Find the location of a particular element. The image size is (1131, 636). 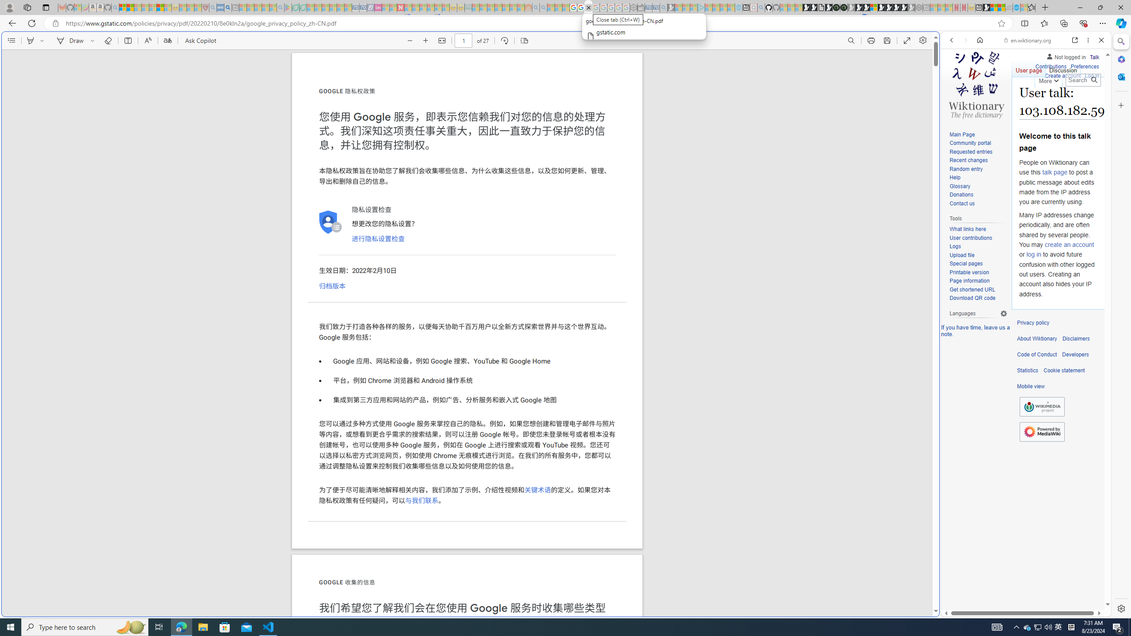

'Cheap Car Rentals - Save70.com - Sleeping' is located at coordinates (655, 7).